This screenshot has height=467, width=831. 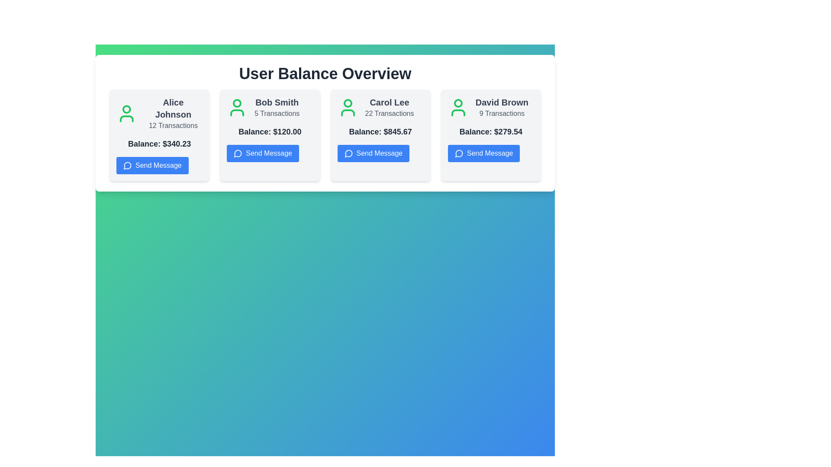 What do you see at coordinates (126, 113) in the screenshot?
I see `the green user figure SVG icon located at the top-left part of Alice Johnson's user card in the User Balance Overview section` at bounding box center [126, 113].